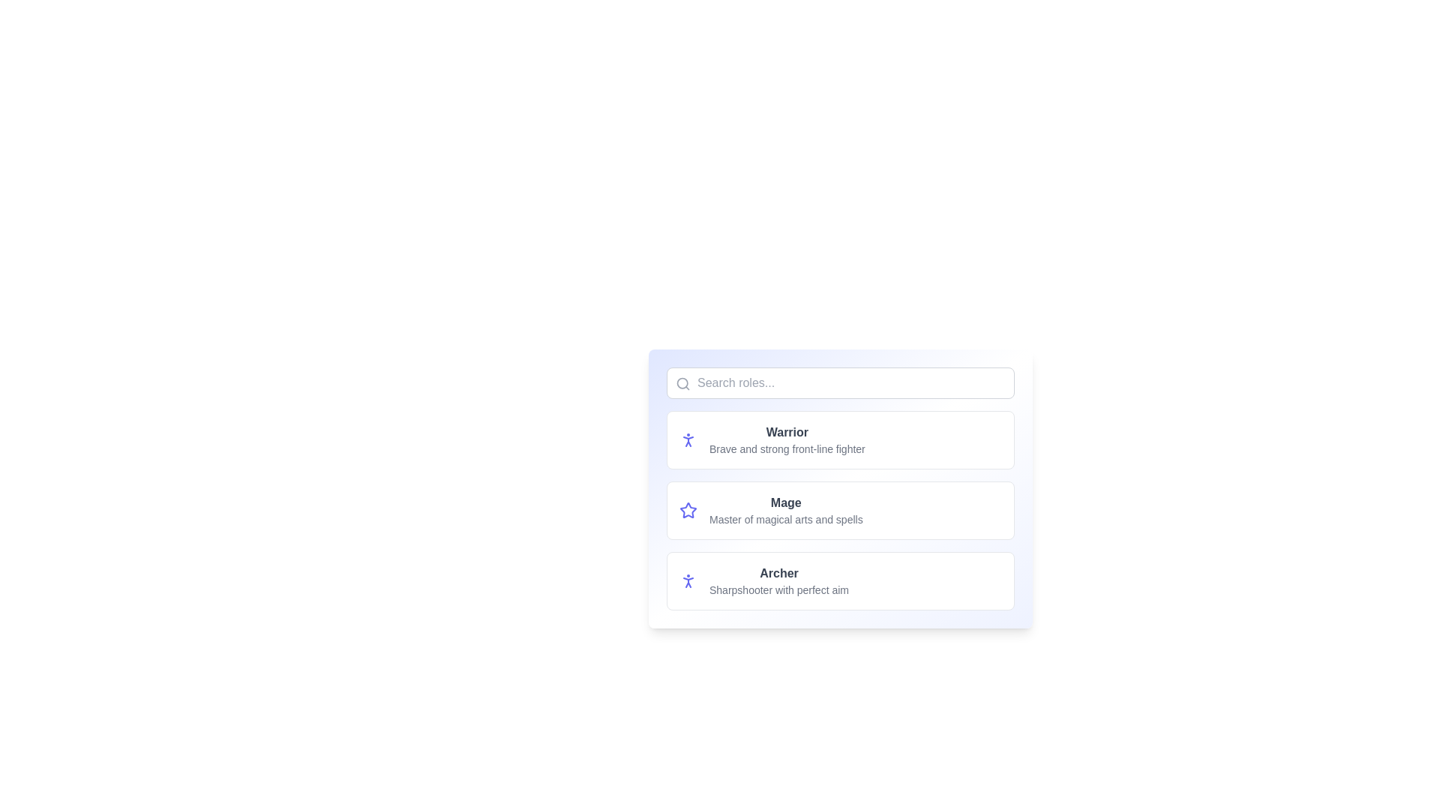 Image resolution: width=1440 pixels, height=810 pixels. I want to click on the 'Mage' text label, which serves as the header for the second item in the vertical list, positioned between 'Warrior' and 'Archer', so click(785, 503).